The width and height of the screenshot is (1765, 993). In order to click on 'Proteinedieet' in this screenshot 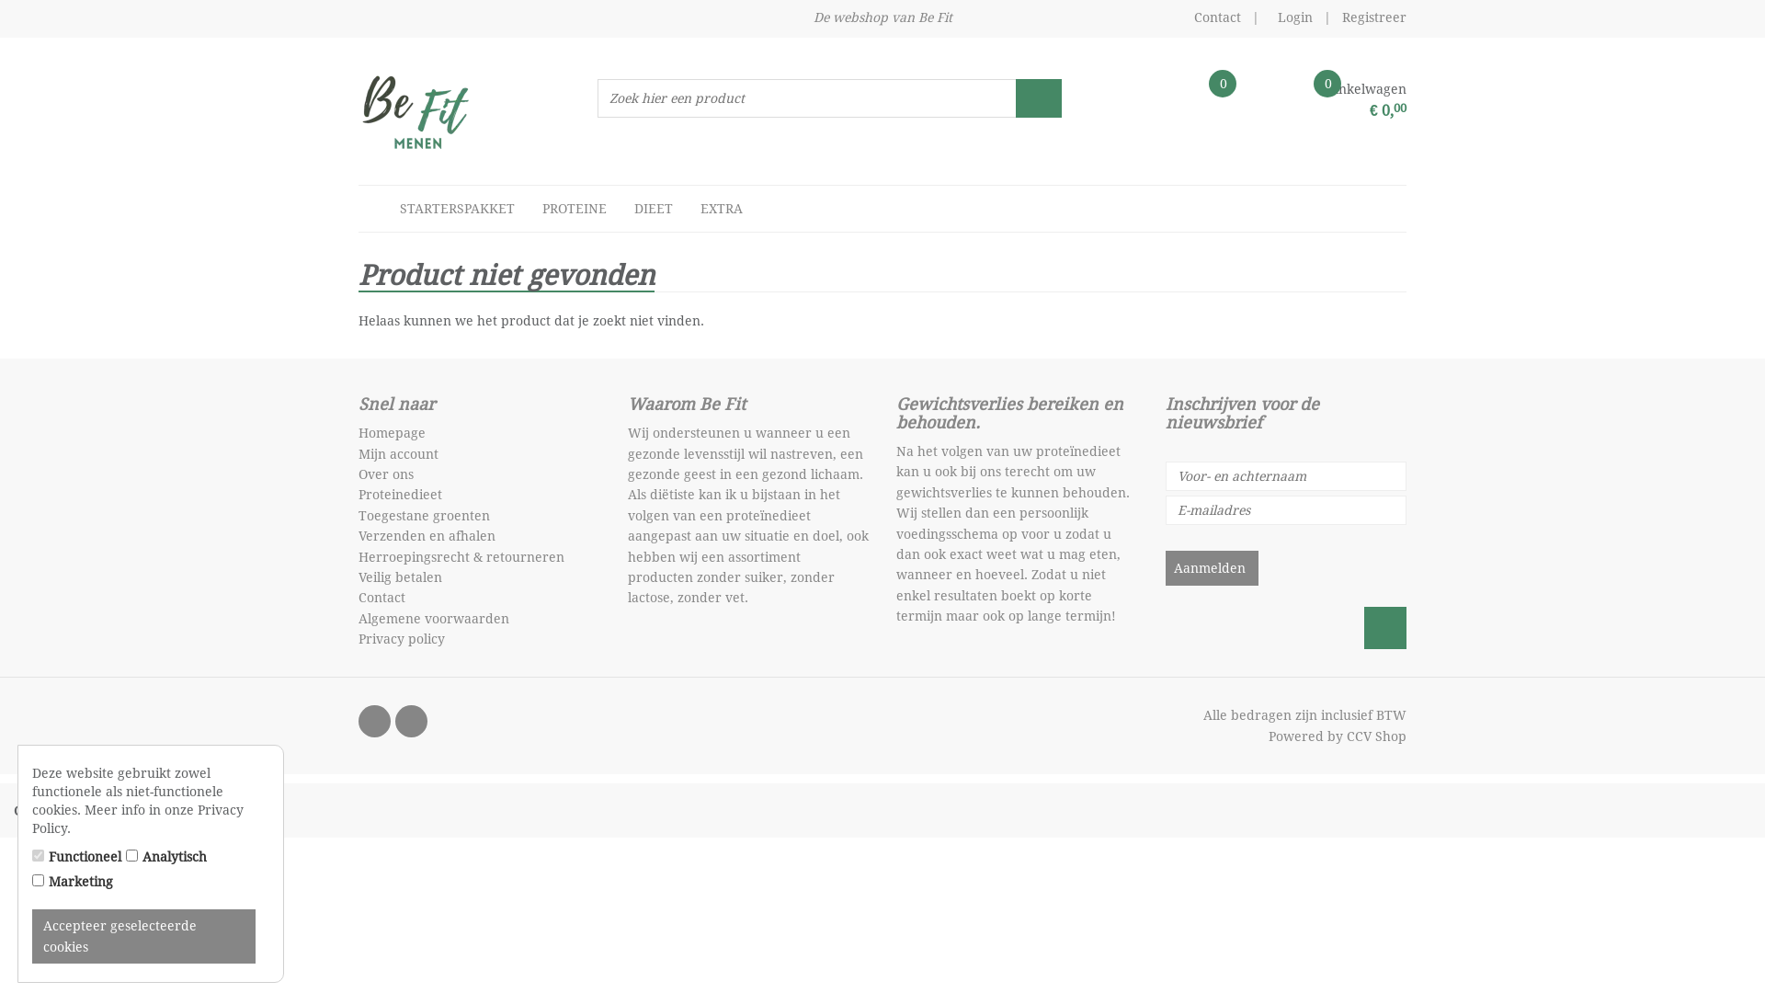, I will do `click(399, 493)`.